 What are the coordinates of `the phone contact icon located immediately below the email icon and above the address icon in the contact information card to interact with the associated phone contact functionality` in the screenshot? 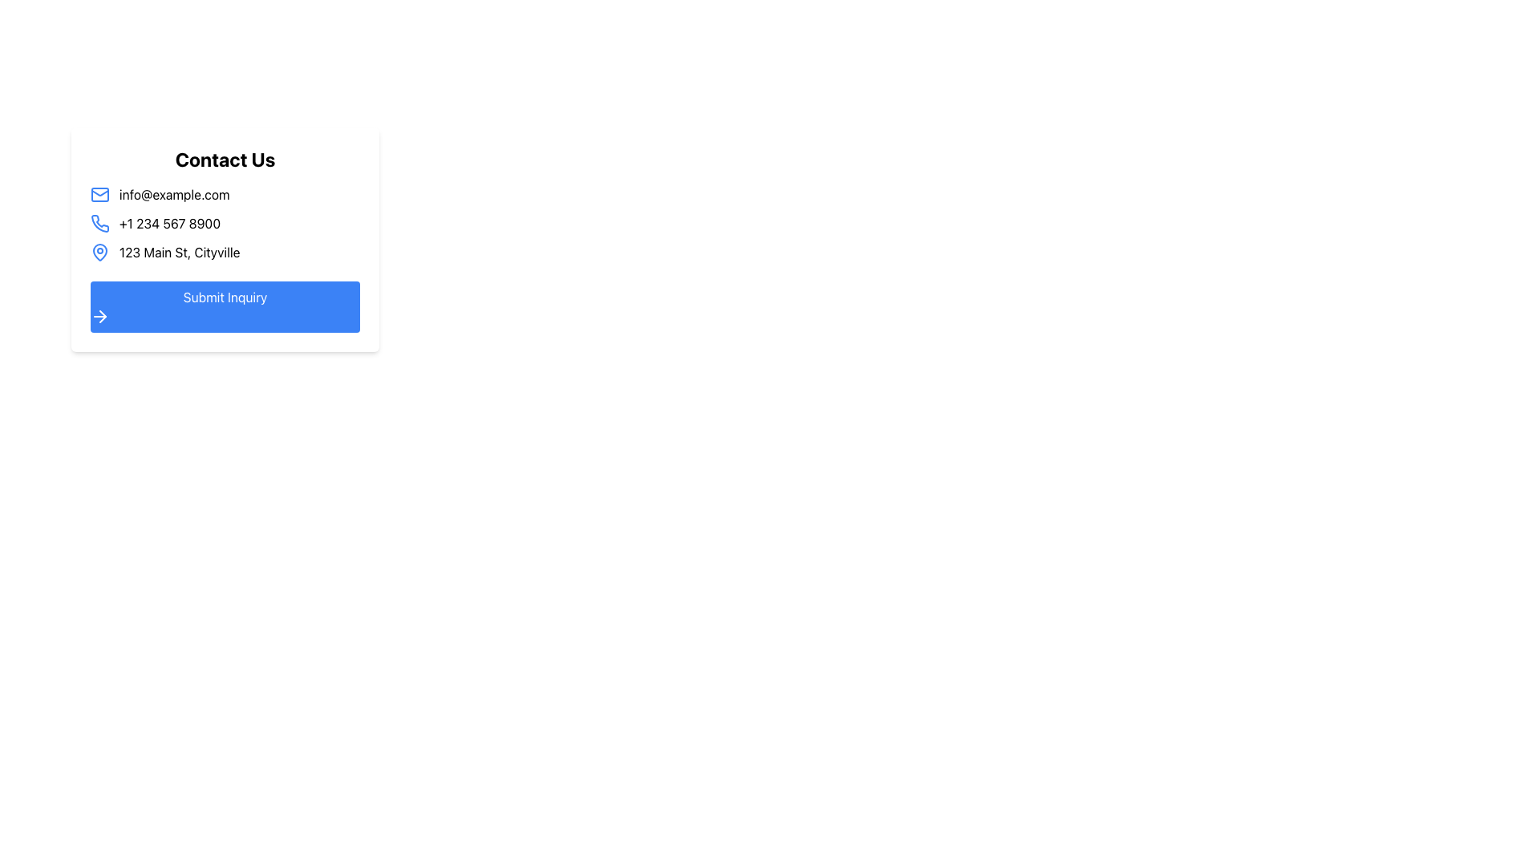 It's located at (99, 223).